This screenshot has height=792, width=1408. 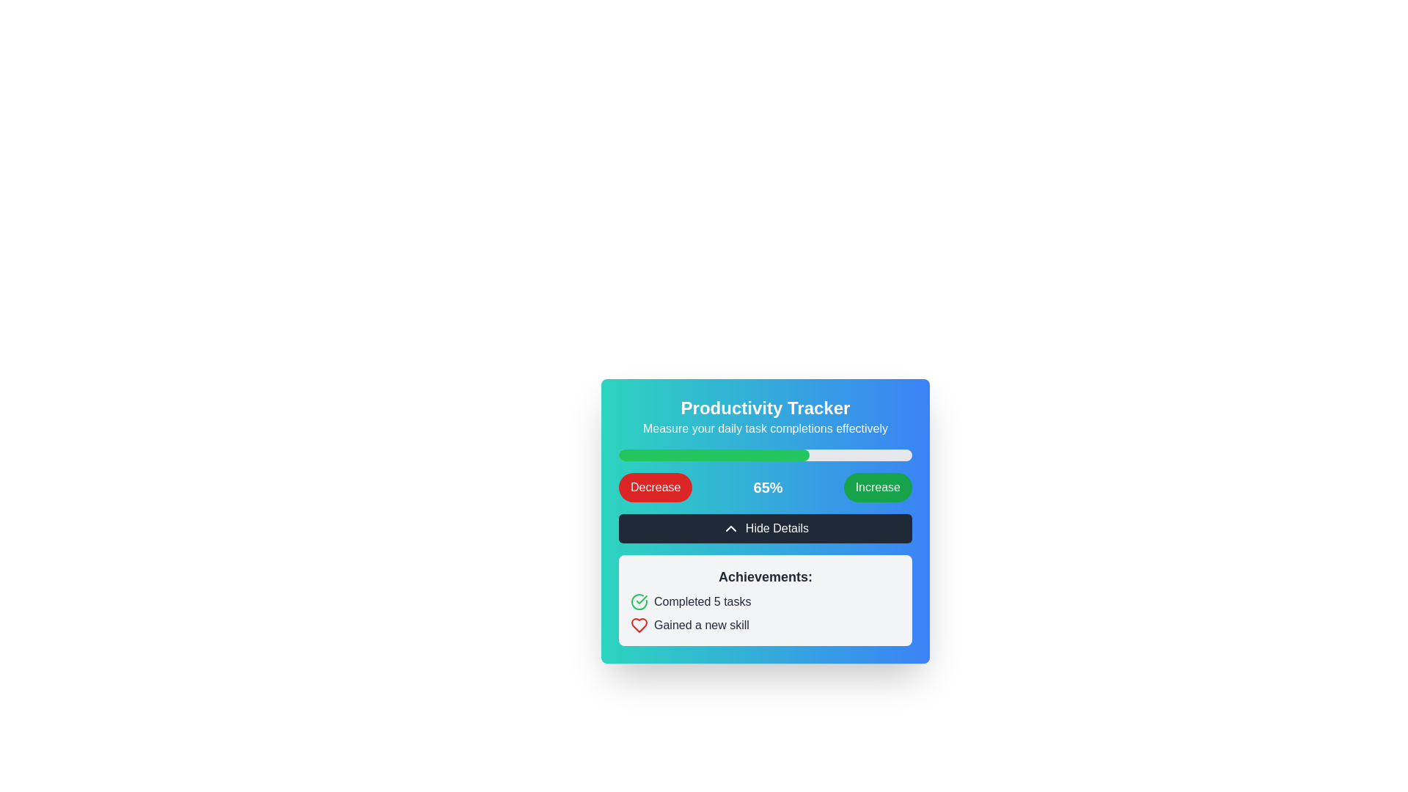 What do you see at coordinates (730, 529) in the screenshot?
I see `the upward-pointing chevron icon with a thin white outline located to the left of the 'Hide Details' text within the button` at bounding box center [730, 529].